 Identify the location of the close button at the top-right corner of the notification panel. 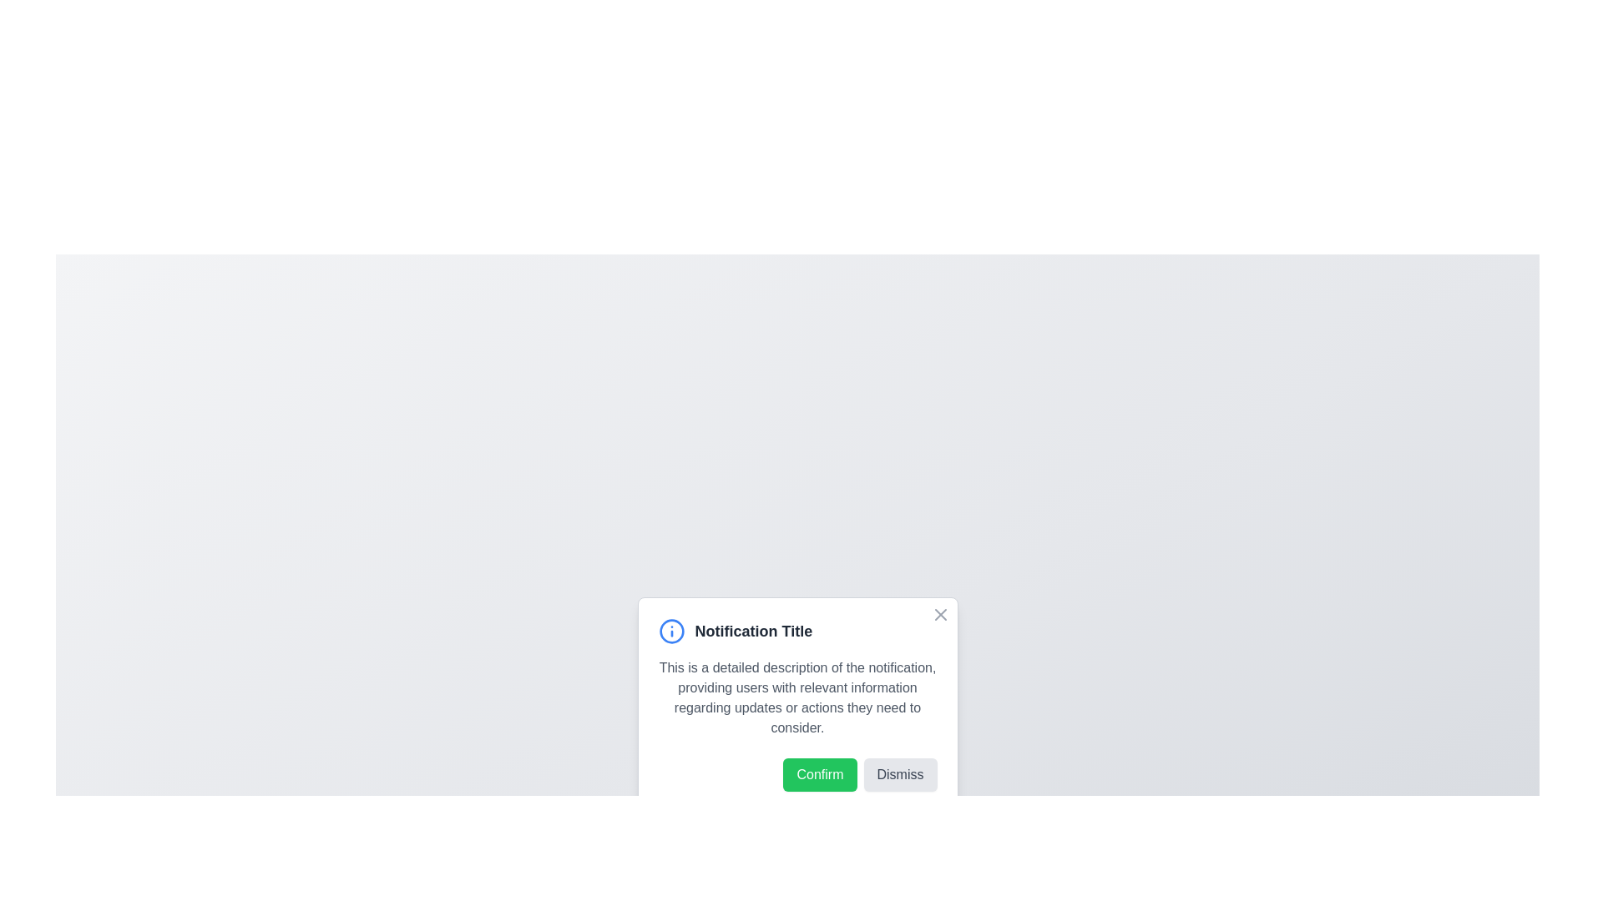
(940, 614).